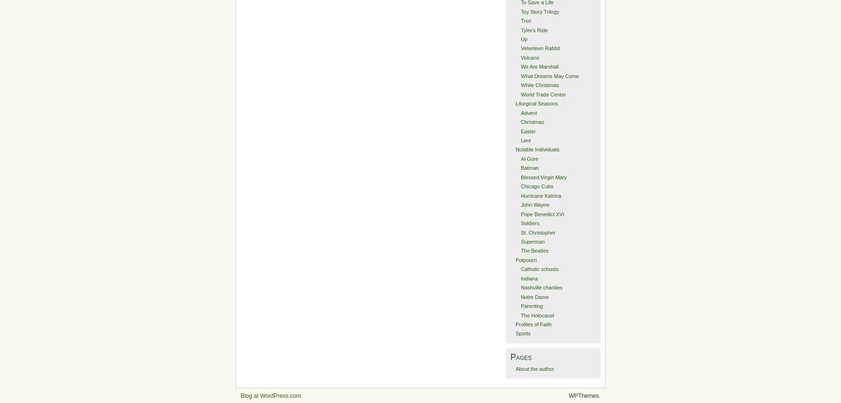 The height and width of the screenshot is (403, 841). What do you see at coordinates (528, 112) in the screenshot?
I see `'Advent'` at bounding box center [528, 112].